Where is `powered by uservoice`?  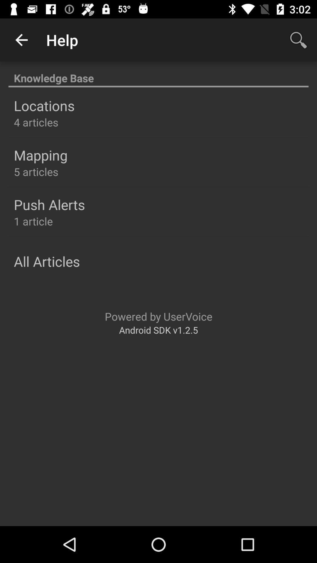 powered by uservoice is located at coordinates (158, 316).